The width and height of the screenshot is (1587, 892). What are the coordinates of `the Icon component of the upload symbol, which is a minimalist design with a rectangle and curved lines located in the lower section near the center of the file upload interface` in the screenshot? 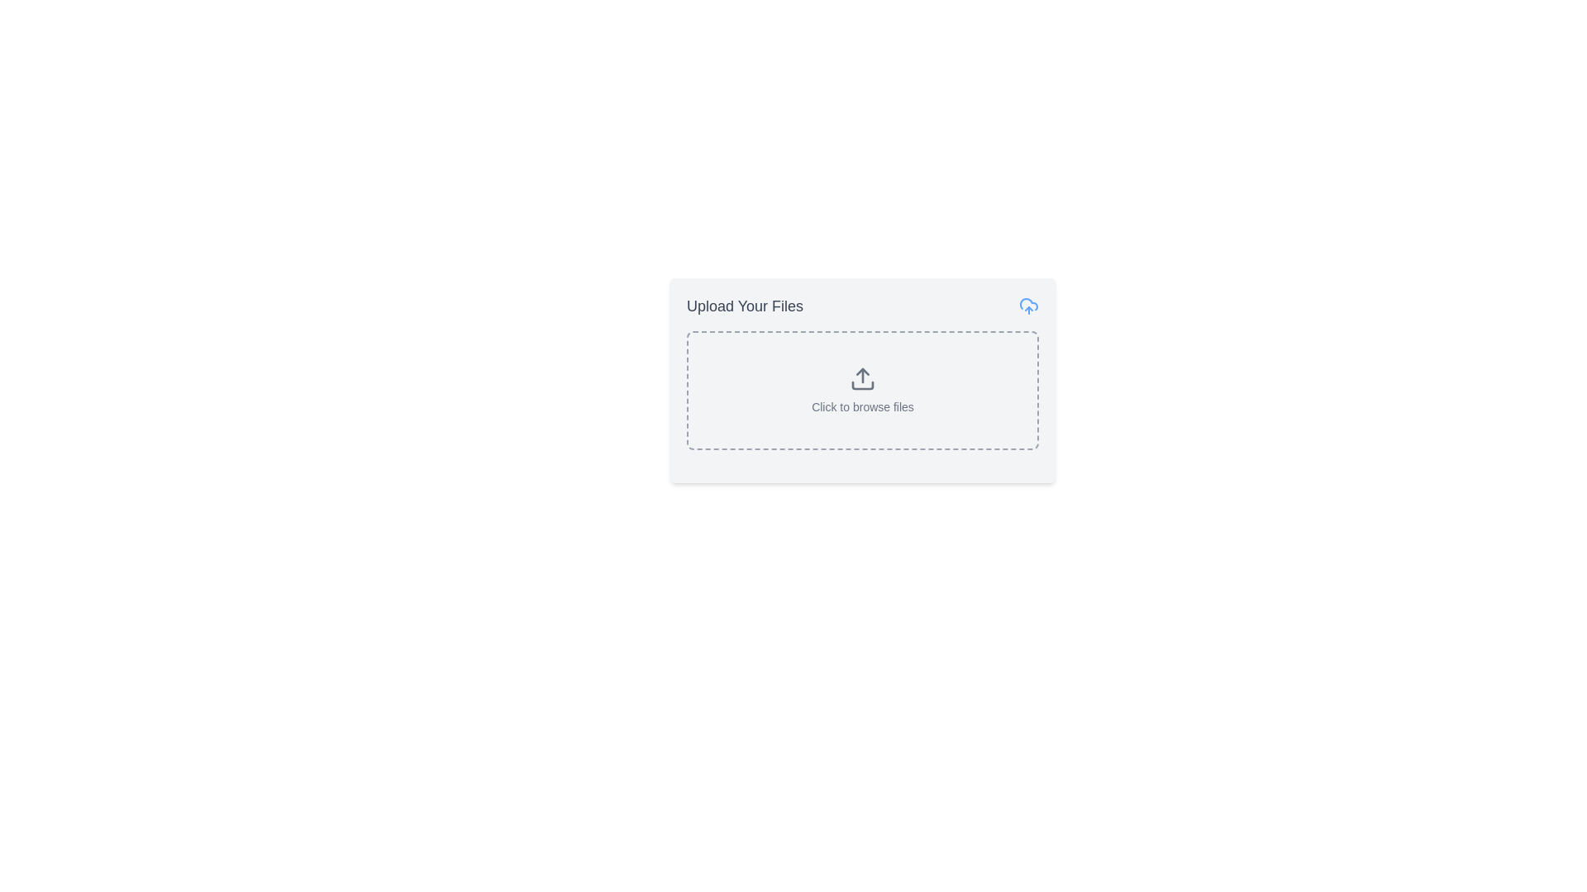 It's located at (861, 385).